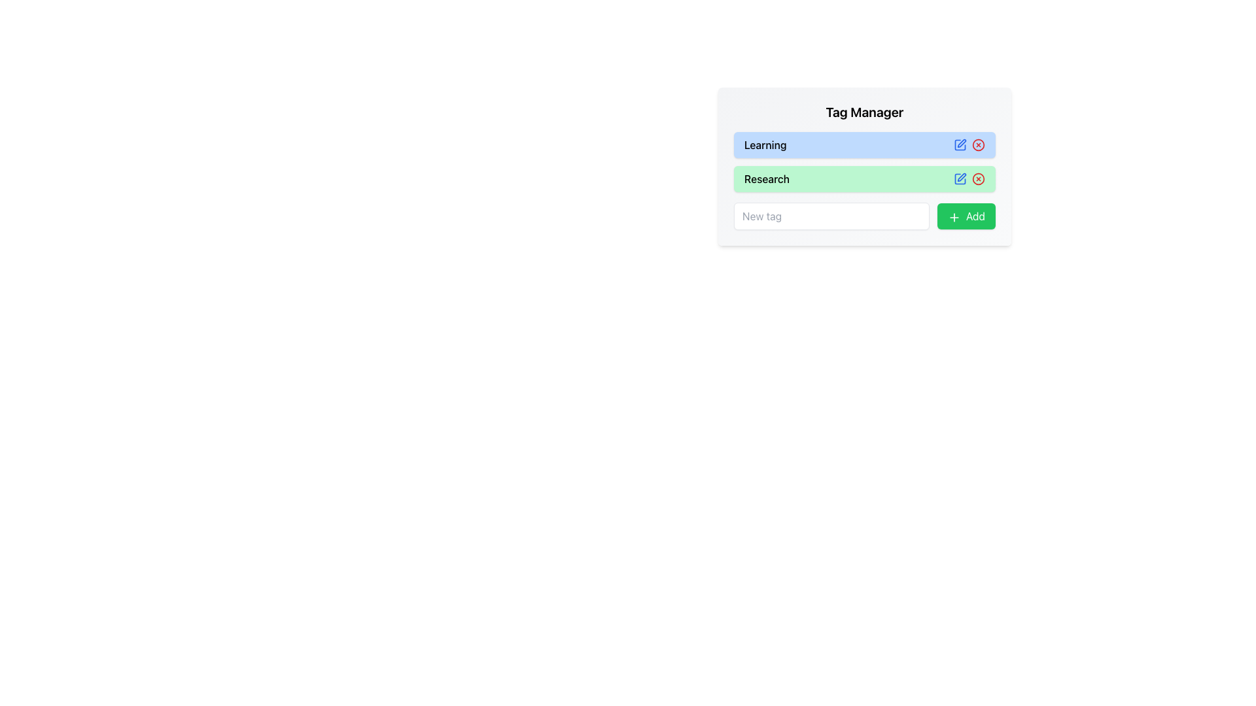  I want to click on the 'Research' tag in the Tag Manager section to navigate or select it, so click(864, 178).